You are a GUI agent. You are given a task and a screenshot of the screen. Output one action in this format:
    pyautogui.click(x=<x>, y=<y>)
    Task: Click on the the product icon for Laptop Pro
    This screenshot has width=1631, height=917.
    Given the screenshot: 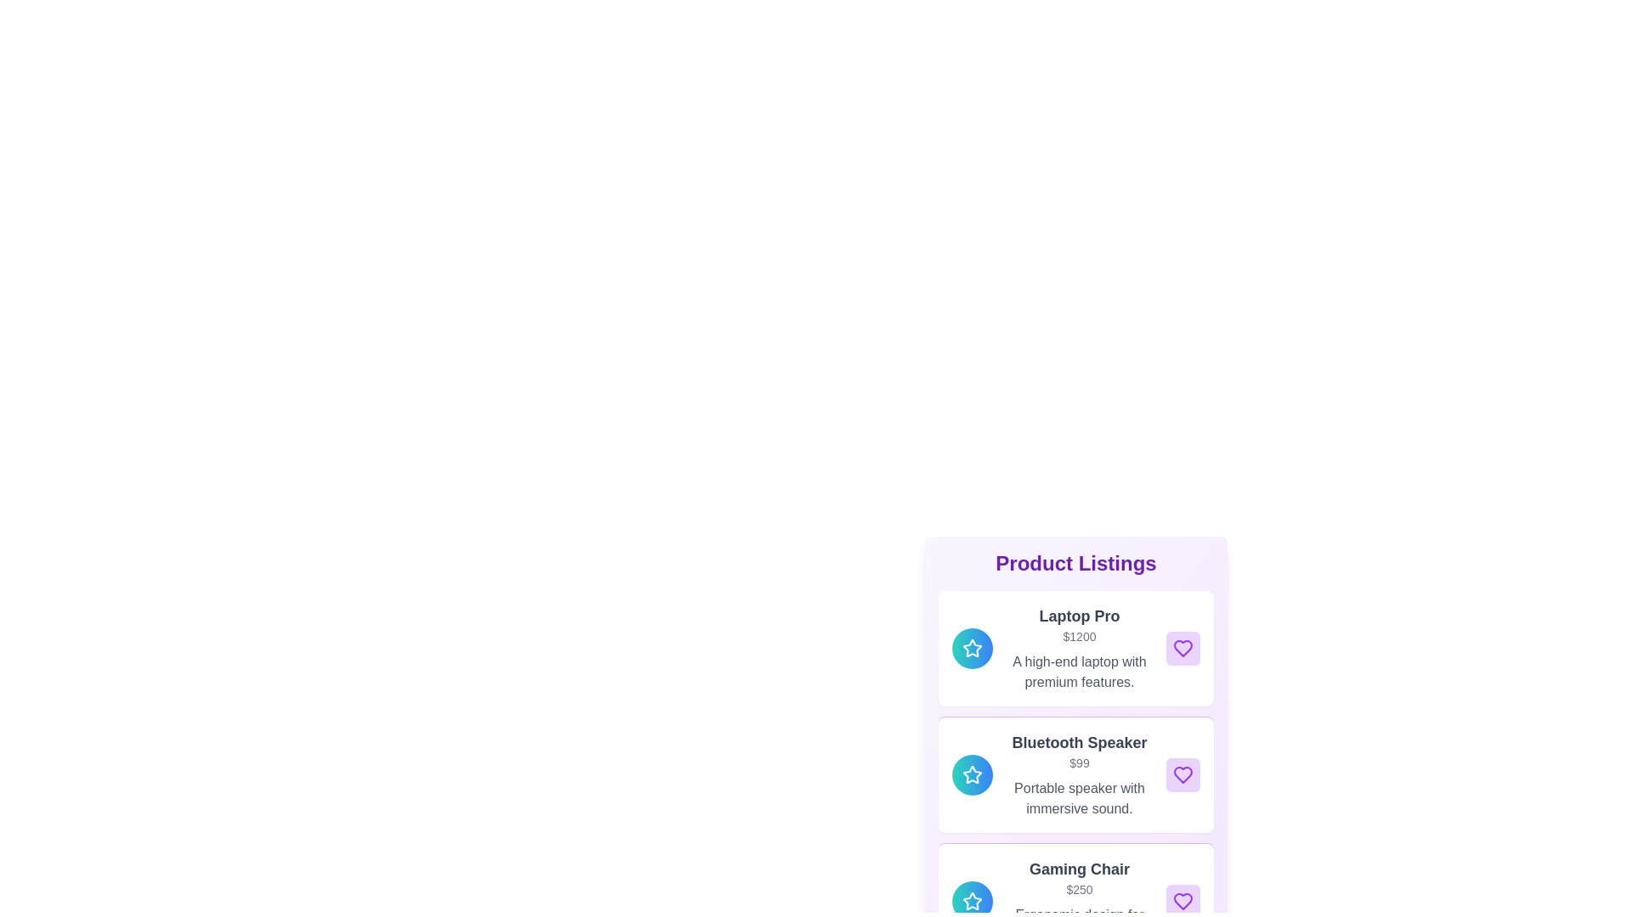 What is the action you would take?
    pyautogui.click(x=973, y=648)
    